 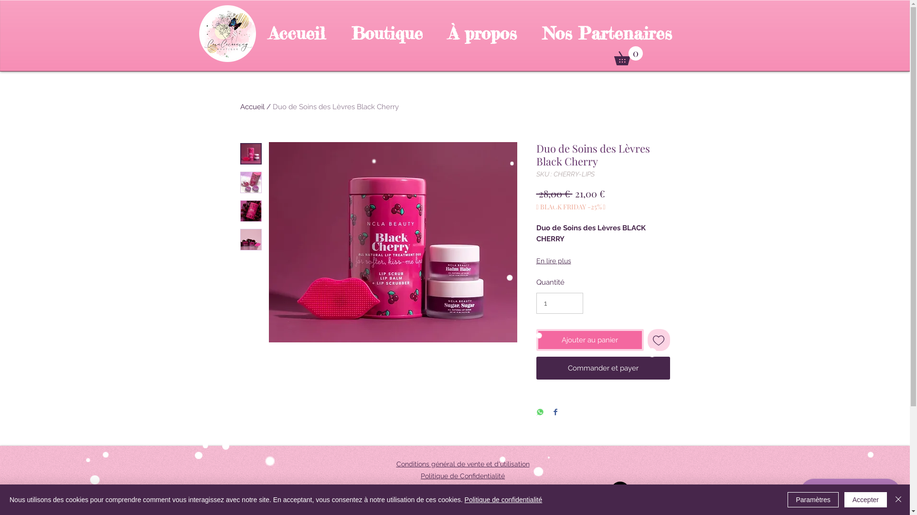 I want to click on 'Livraison et Retour', so click(x=462, y=487).